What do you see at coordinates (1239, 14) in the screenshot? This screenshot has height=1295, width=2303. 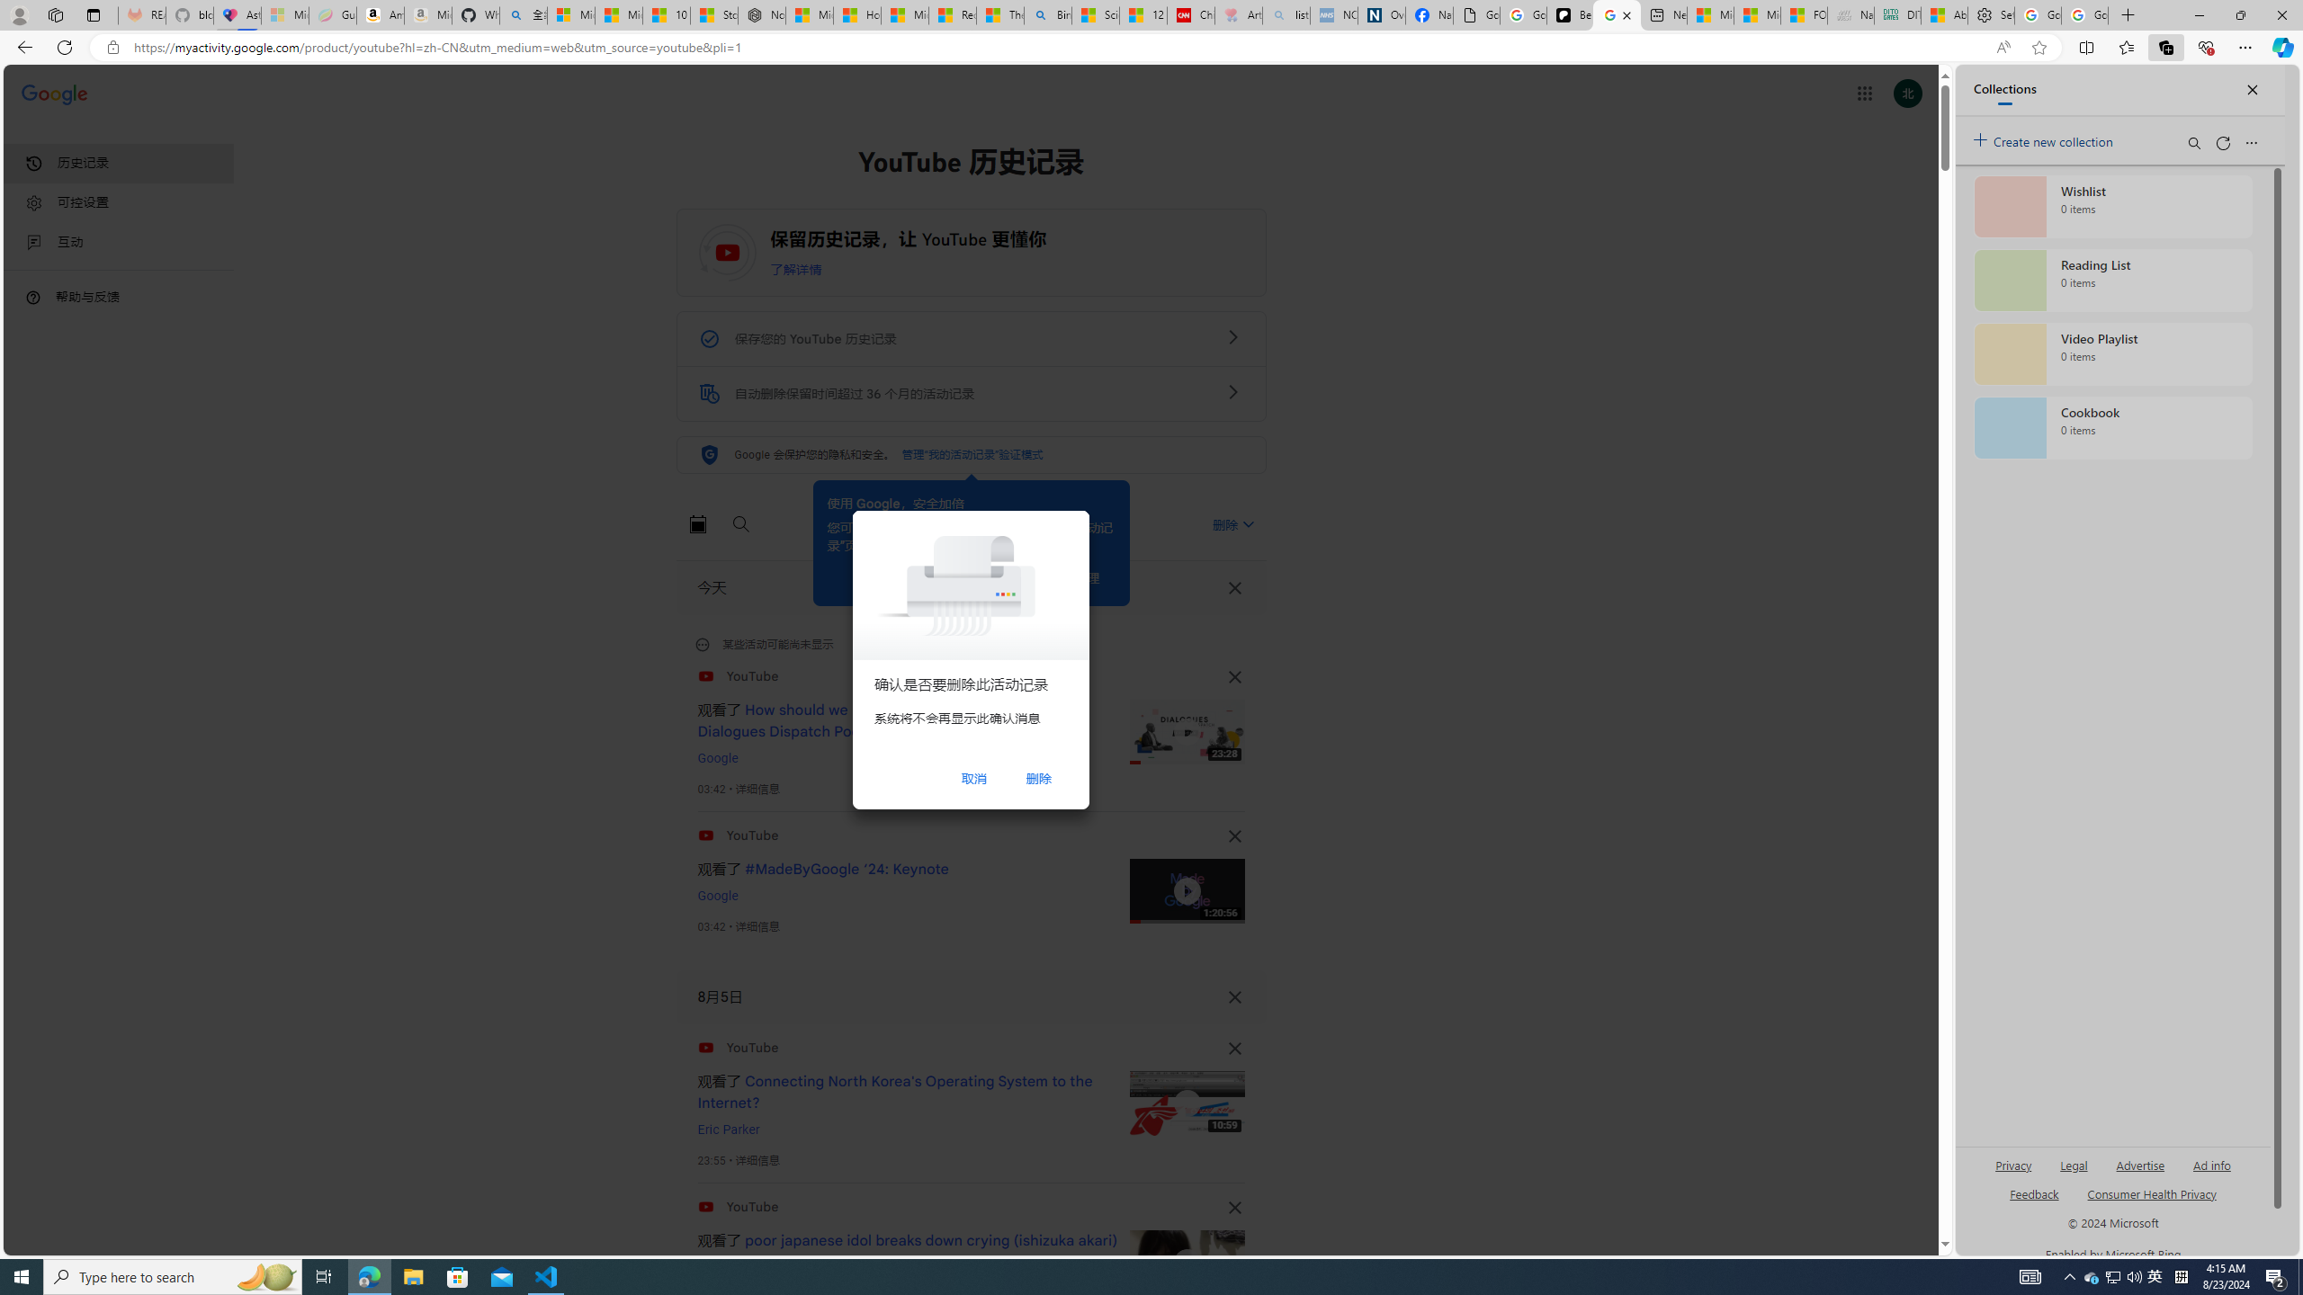 I see `'Arthritis: Ask Health Professionals - Sleeping'` at bounding box center [1239, 14].